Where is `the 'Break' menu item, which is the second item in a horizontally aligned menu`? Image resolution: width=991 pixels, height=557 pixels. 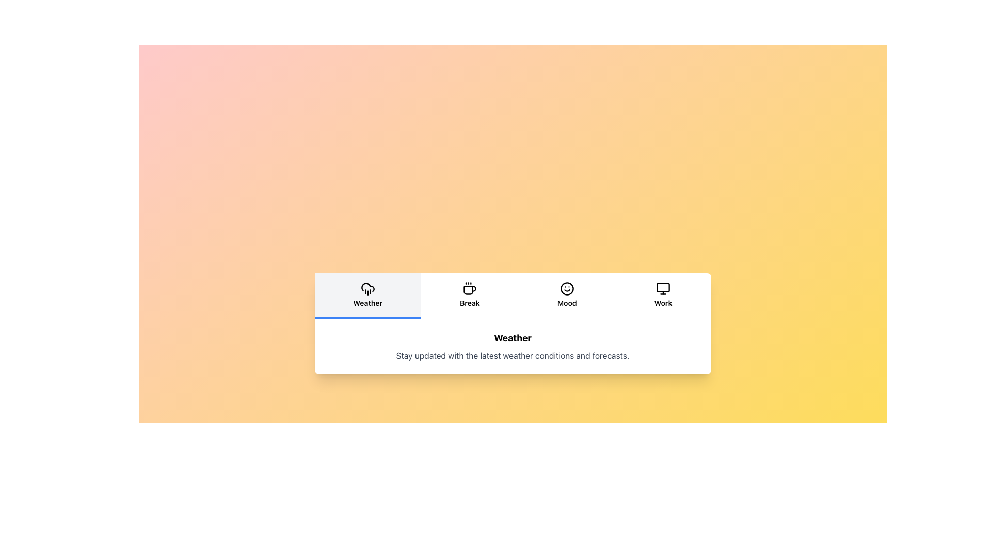
the 'Break' menu item, which is the second item in a horizontally aligned menu is located at coordinates (469, 294).